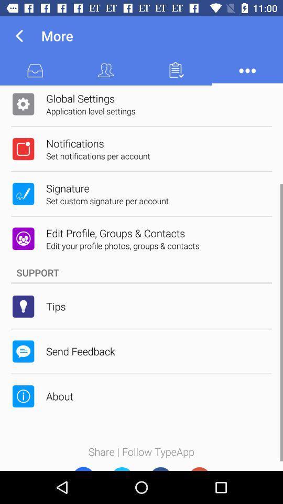  I want to click on icon next to more item, so click(19, 36).